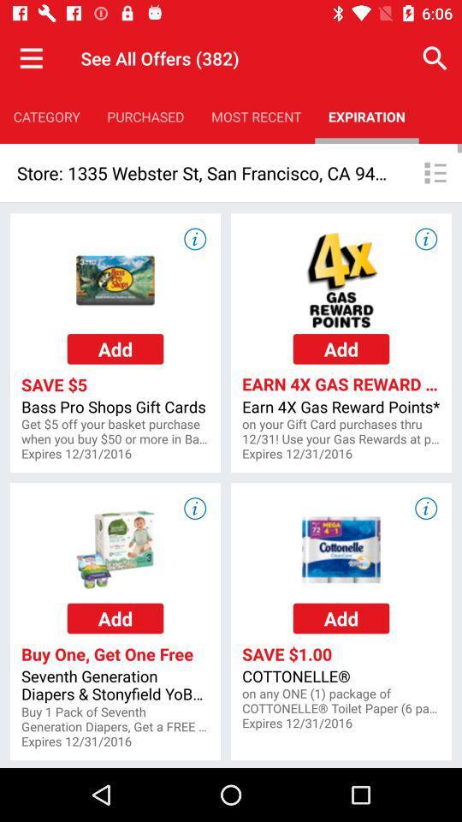 The height and width of the screenshot is (822, 462). What do you see at coordinates (115, 431) in the screenshot?
I see `app above the expires 12 31 app` at bounding box center [115, 431].